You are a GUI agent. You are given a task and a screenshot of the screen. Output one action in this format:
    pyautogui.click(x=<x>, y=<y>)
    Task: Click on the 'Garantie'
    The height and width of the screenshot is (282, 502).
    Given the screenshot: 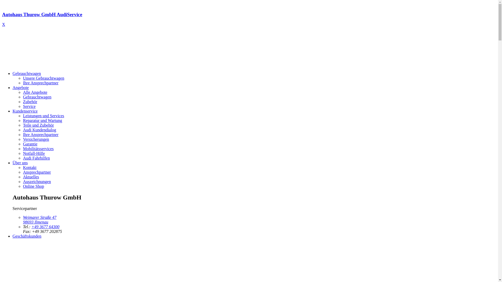 What is the action you would take?
    pyautogui.click(x=22, y=144)
    